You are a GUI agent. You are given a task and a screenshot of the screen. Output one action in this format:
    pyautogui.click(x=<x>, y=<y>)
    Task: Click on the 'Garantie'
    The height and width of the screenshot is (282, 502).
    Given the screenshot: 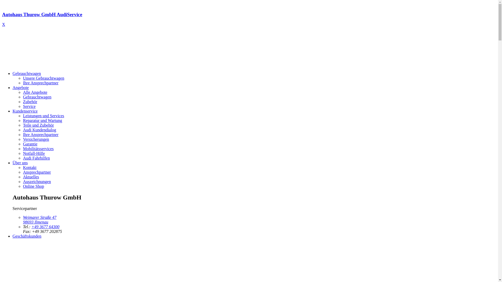 What is the action you would take?
    pyautogui.click(x=22, y=144)
    